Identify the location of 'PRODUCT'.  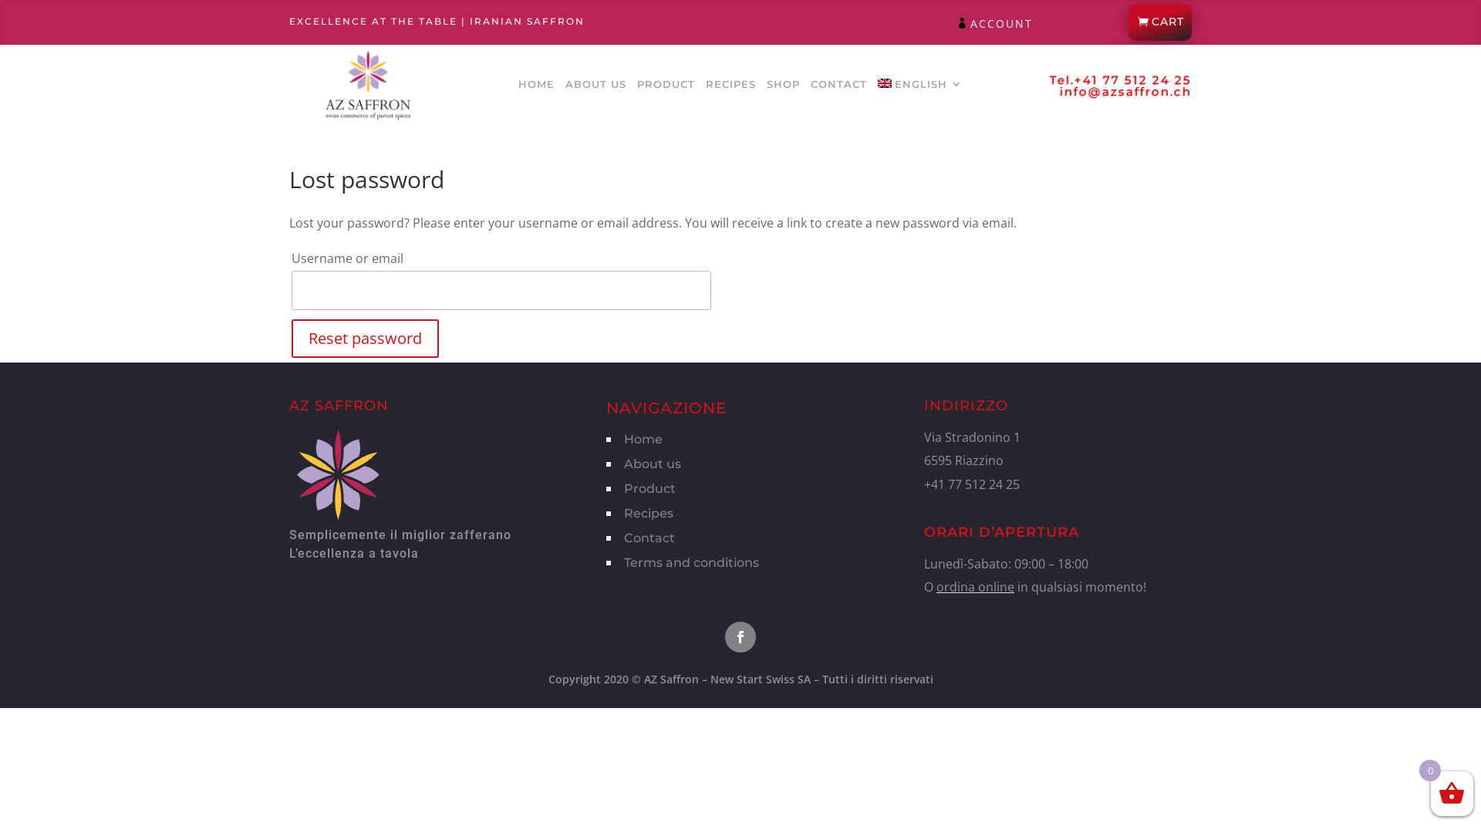
(636, 86).